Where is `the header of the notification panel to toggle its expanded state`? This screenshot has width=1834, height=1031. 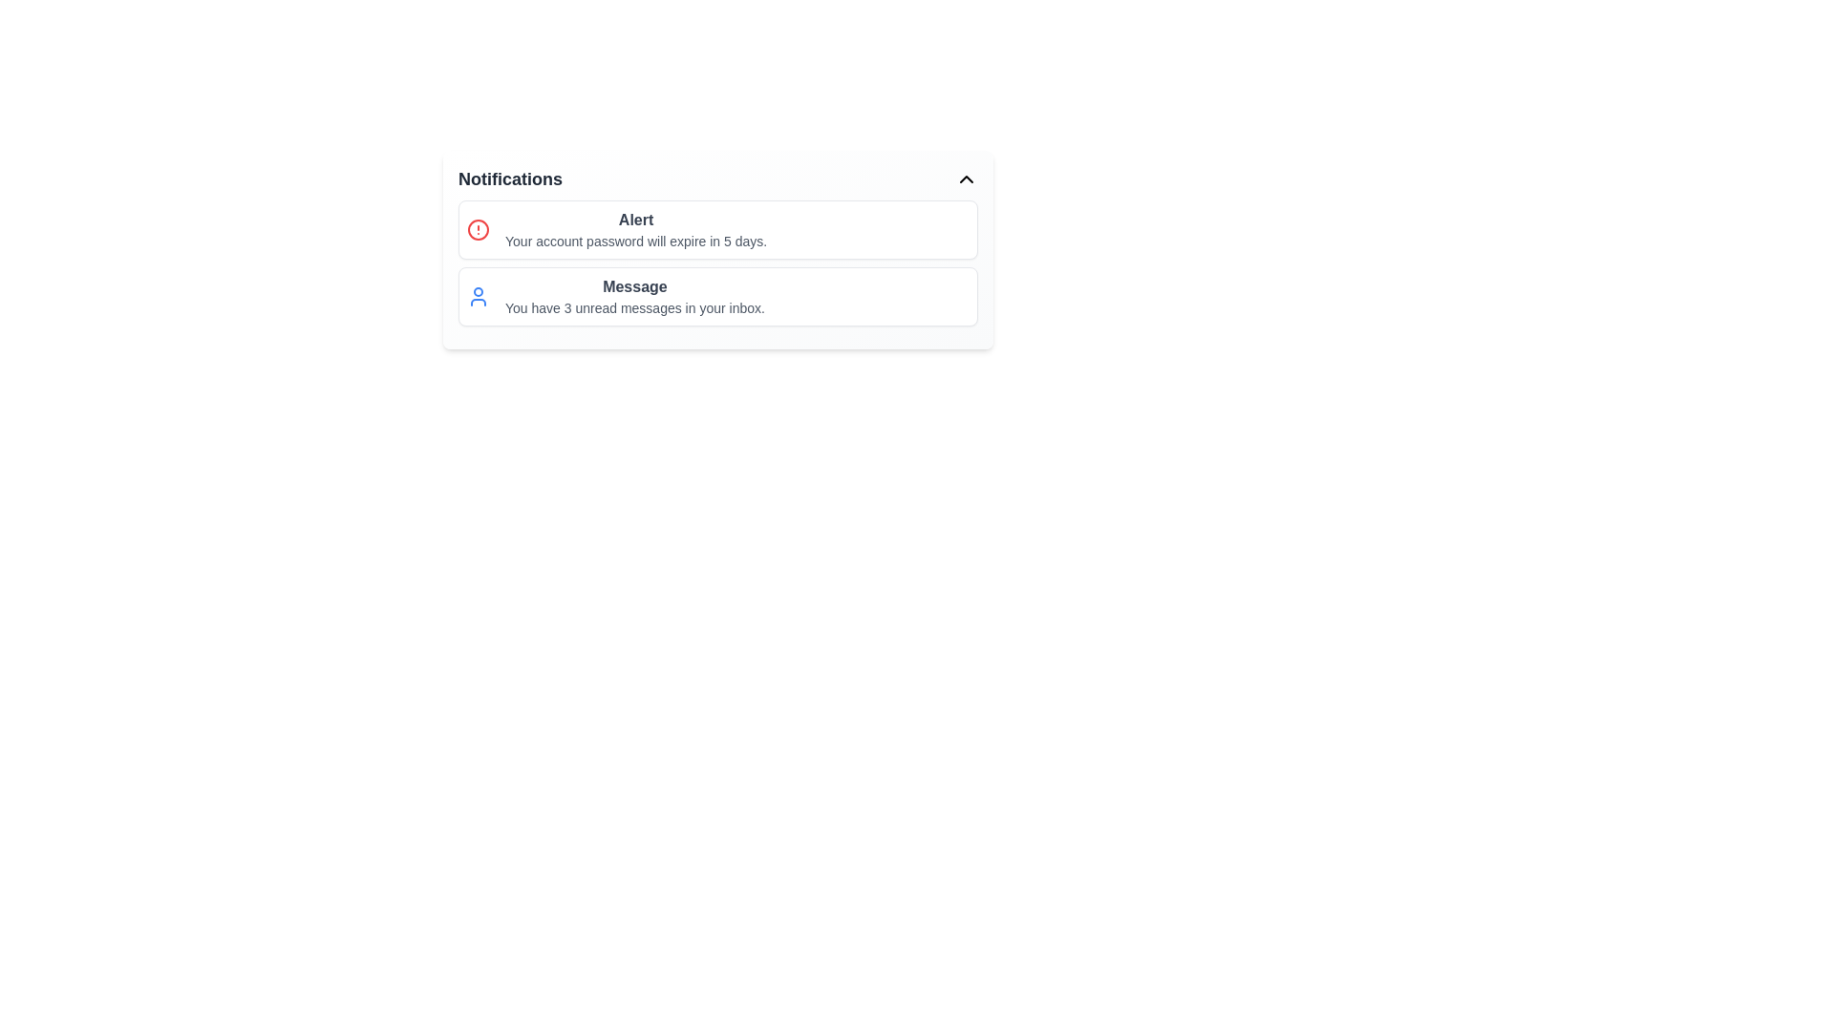 the header of the notification panel to toggle its expanded state is located at coordinates (717, 179).